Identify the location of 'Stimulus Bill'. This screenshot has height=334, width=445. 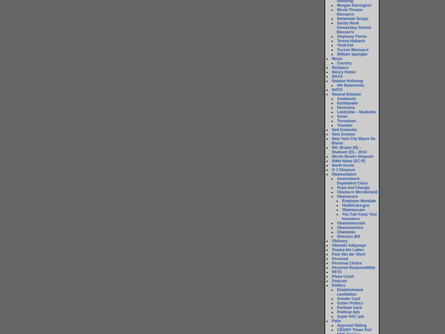
(348, 237).